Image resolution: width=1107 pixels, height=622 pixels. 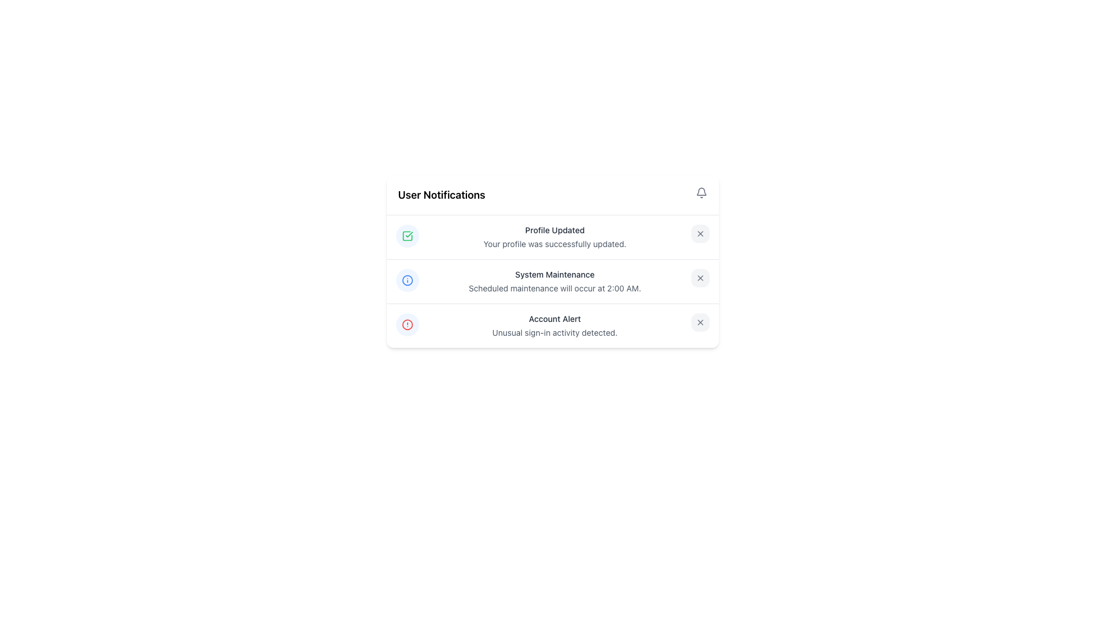 I want to click on the Circle element that serves as a visual indicator for the 'Account Alert' notification, which is located centrally within the third notification item in the User Notifications section, so click(x=407, y=324).